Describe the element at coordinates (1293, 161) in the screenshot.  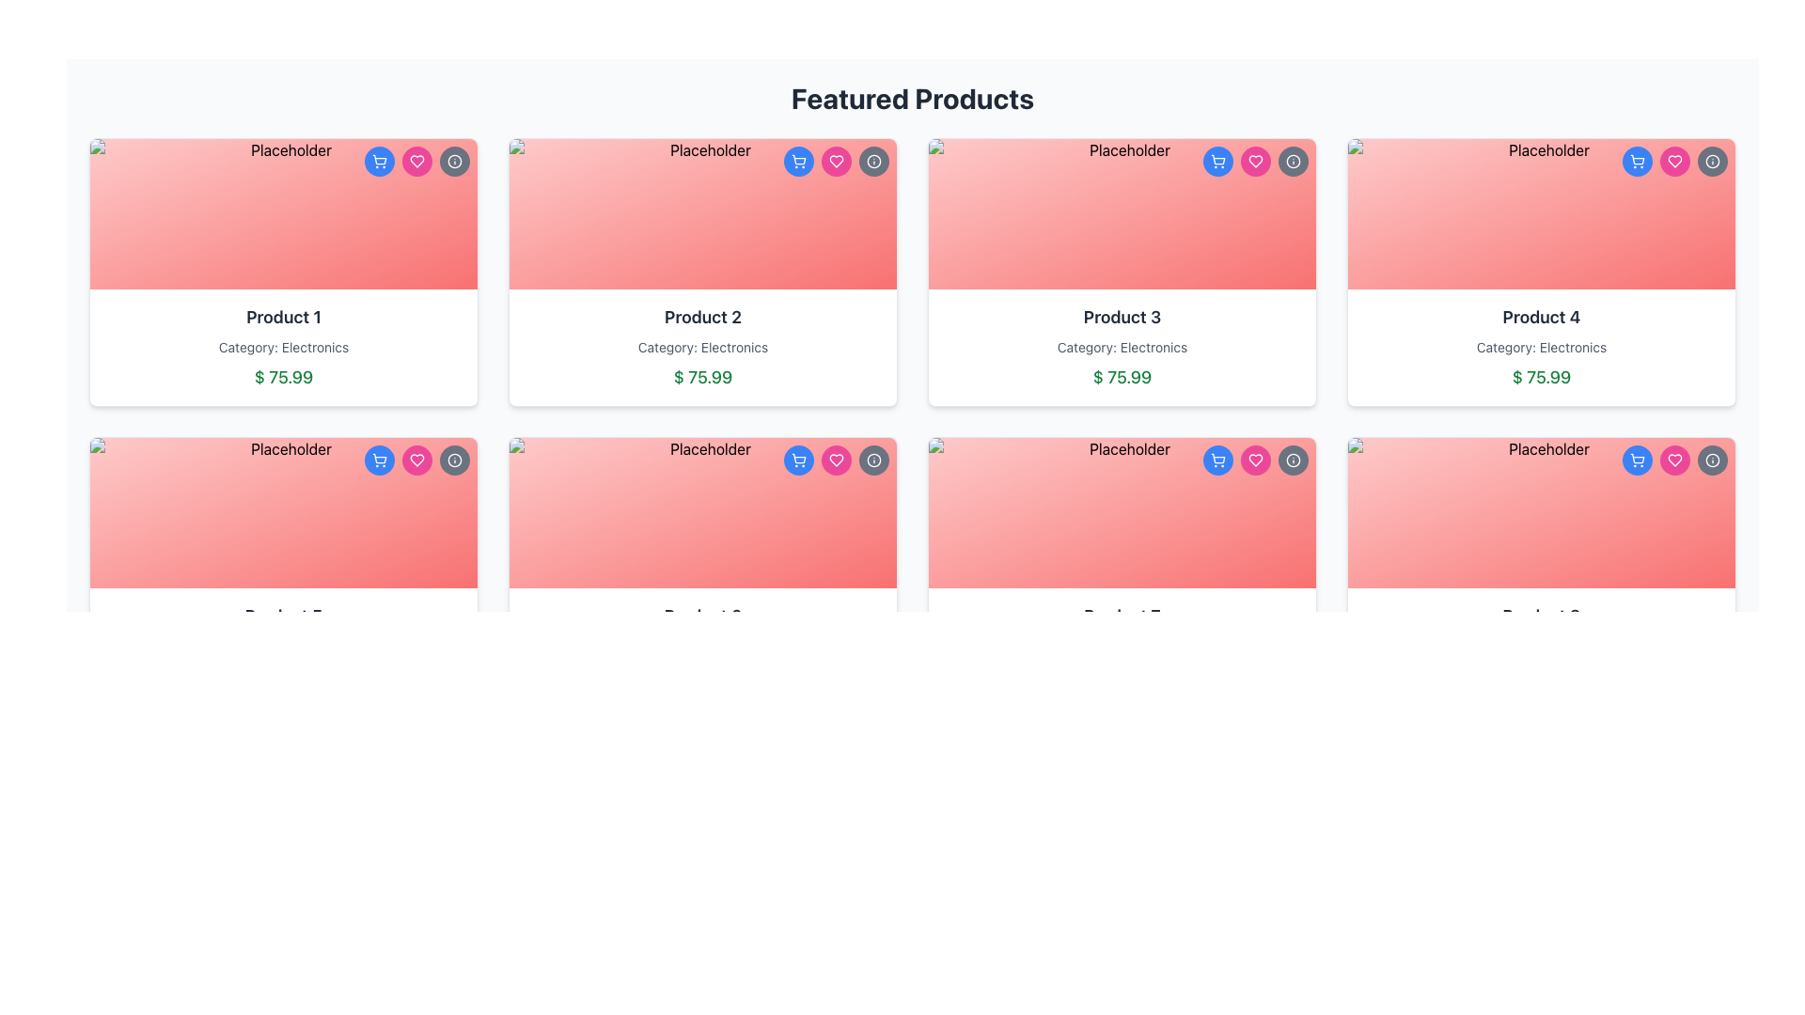
I see `the informational button located in the top-right corner of the product card` at that location.